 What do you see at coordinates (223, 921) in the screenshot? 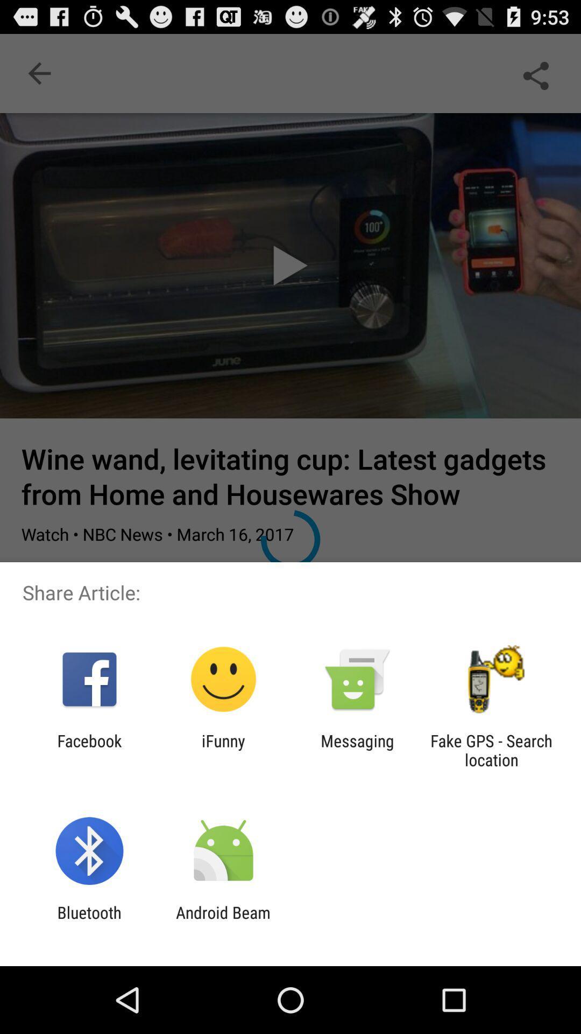
I see `the item next to bluetooth icon` at bounding box center [223, 921].